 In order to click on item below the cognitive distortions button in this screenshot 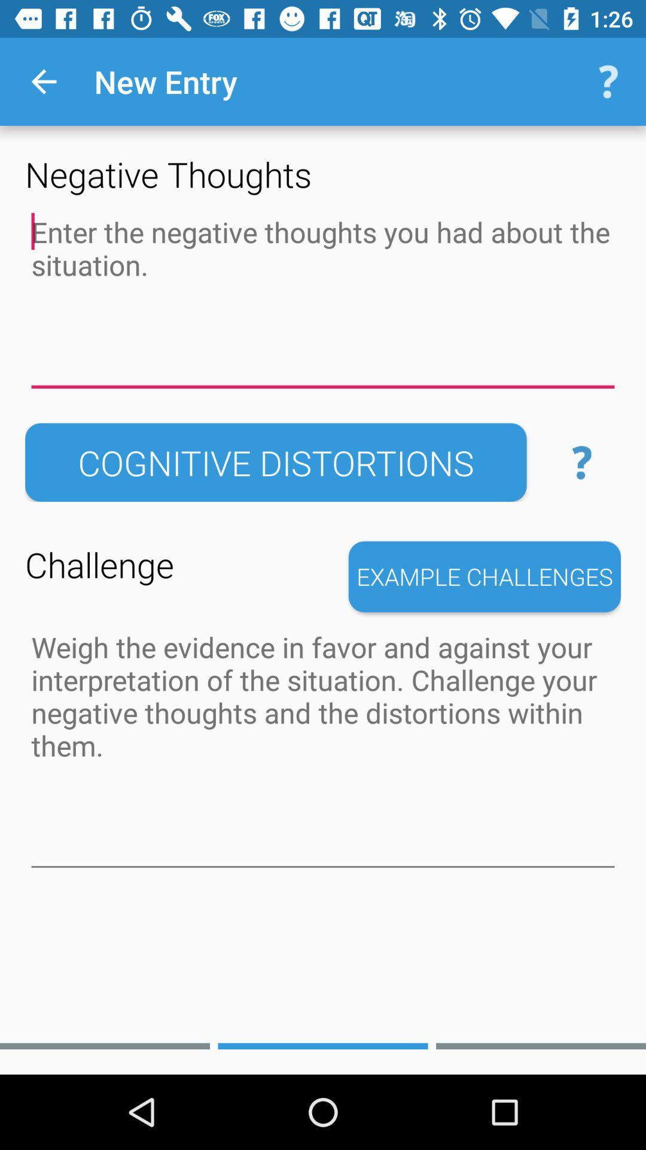, I will do `click(484, 577)`.